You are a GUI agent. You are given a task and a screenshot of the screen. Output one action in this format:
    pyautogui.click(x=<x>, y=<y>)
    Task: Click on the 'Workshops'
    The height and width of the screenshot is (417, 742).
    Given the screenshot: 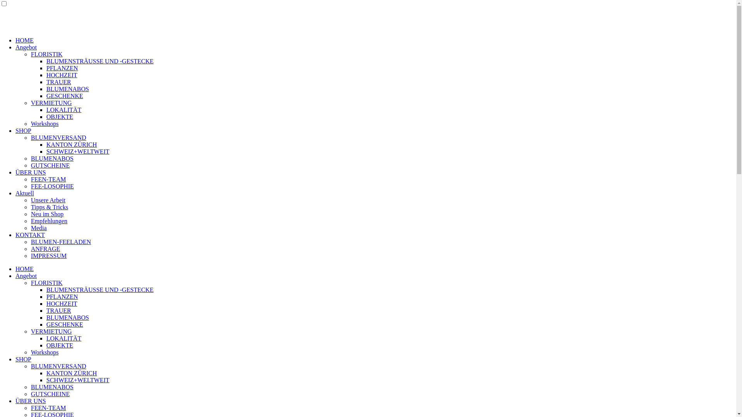 What is the action you would take?
    pyautogui.click(x=44, y=123)
    